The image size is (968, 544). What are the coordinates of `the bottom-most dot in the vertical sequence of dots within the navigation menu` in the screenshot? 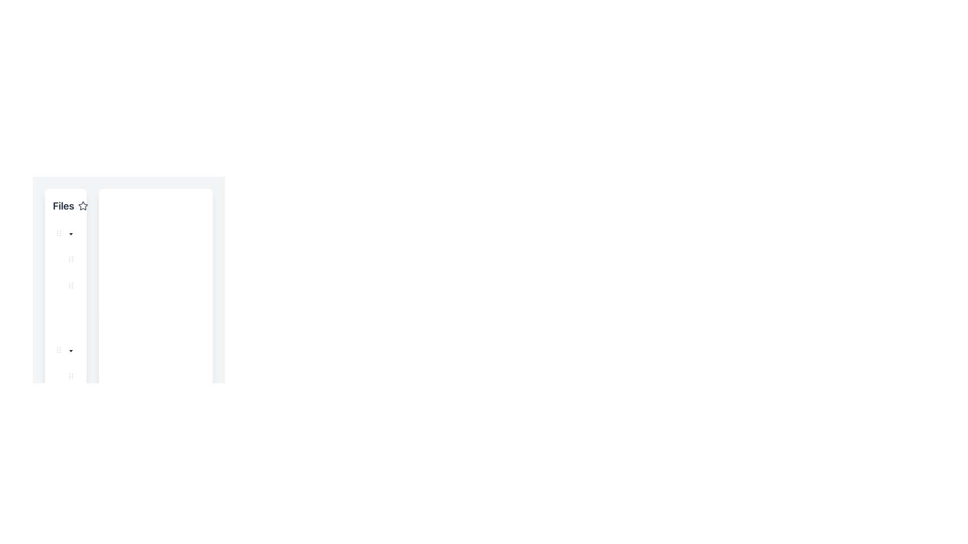 It's located at (70, 376).